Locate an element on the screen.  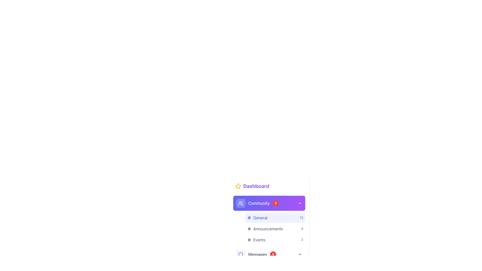
the value displayed on the Notification badge located to the right of the 'Community' text within the purple header section of the 'Dashboard' menu is located at coordinates (275, 203).